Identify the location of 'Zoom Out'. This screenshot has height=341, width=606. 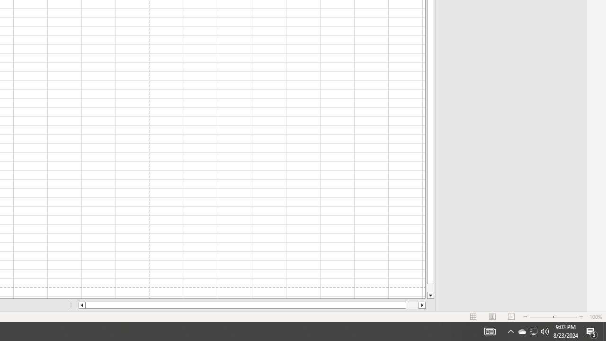
(541, 317).